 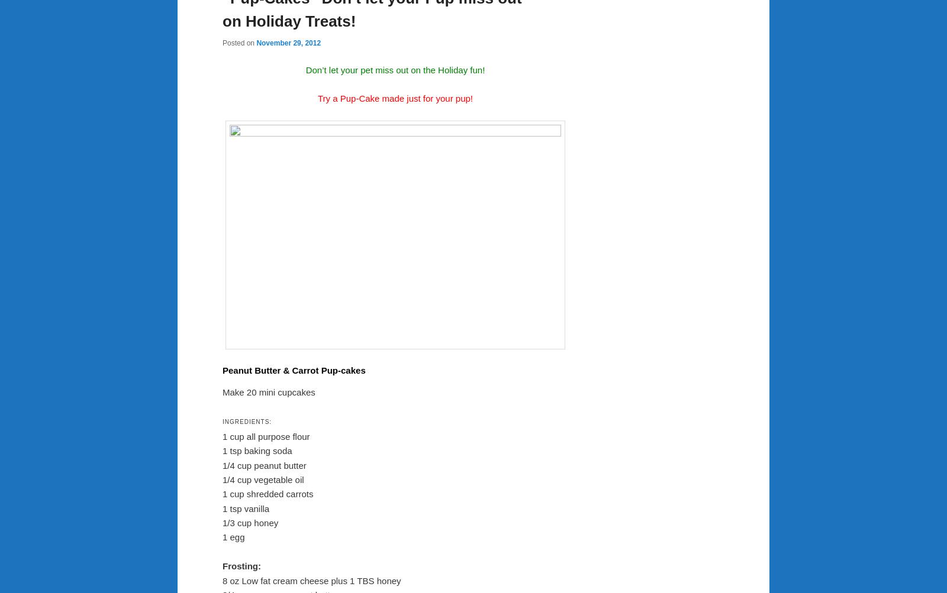 What do you see at coordinates (245, 508) in the screenshot?
I see `'1 tsp vanilla'` at bounding box center [245, 508].